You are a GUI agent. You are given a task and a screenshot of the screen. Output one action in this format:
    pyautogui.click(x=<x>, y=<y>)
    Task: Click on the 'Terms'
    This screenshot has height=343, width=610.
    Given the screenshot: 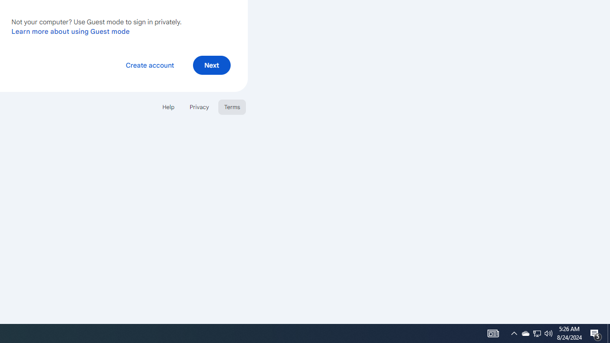 What is the action you would take?
    pyautogui.click(x=232, y=107)
    